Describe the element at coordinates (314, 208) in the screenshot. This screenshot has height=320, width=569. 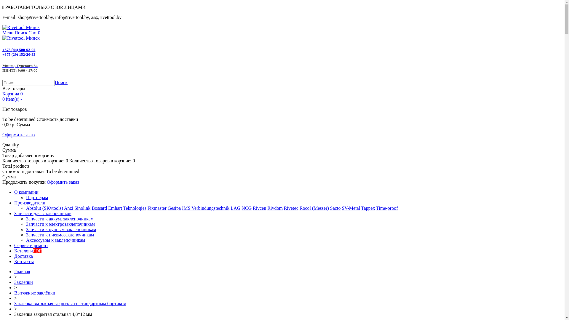
I see `'Rocol (Messer)'` at that location.